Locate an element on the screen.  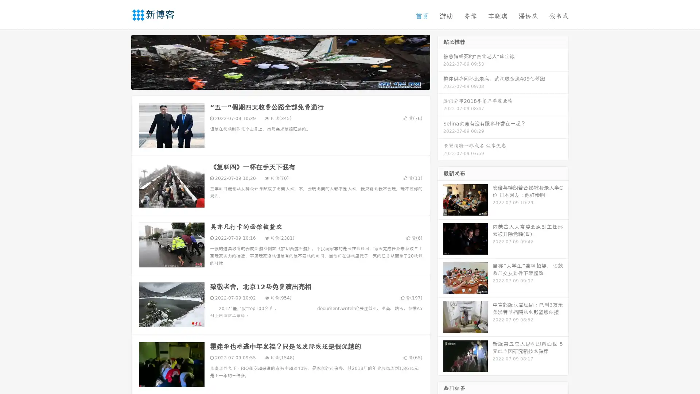
Go to slide 2 is located at coordinates (280, 82).